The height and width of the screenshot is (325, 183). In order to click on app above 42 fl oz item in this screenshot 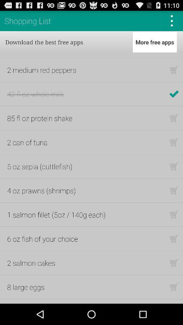, I will do `click(42, 70)`.